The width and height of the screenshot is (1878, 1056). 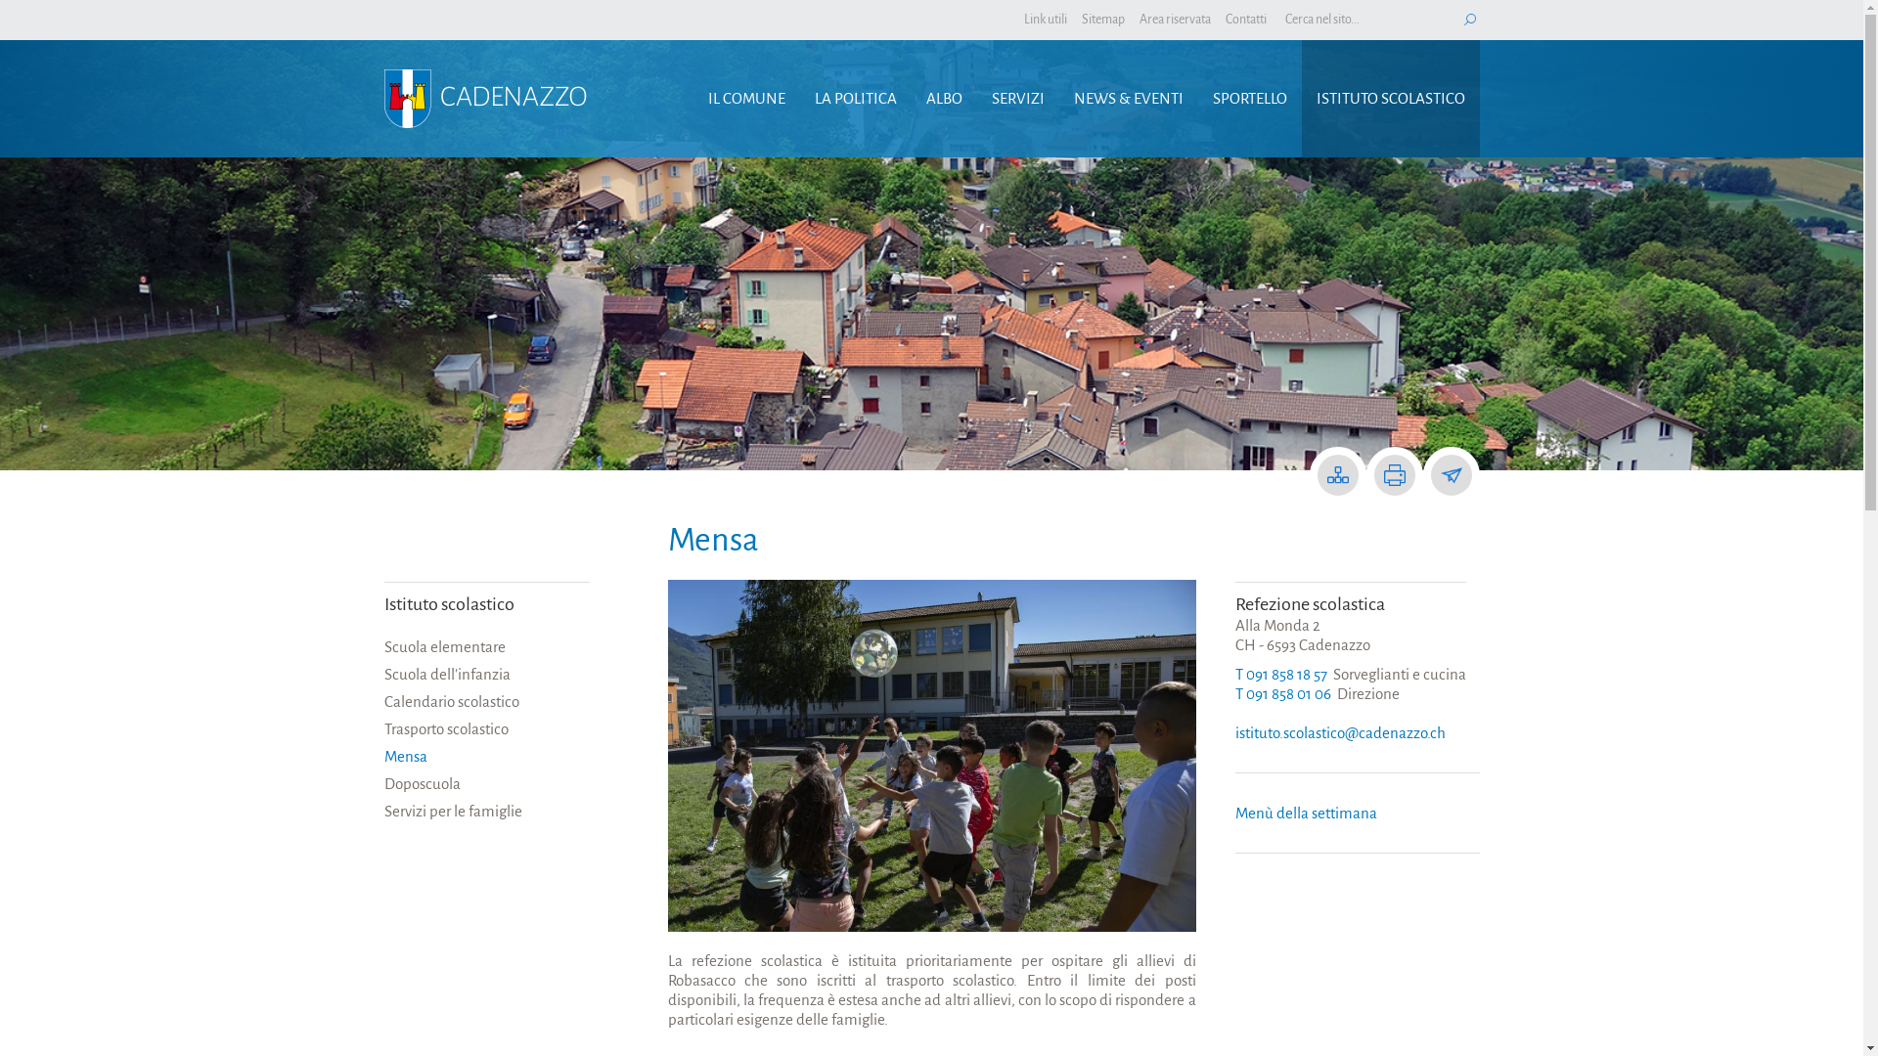 What do you see at coordinates (744, 98) in the screenshot?
I see `'IL COMUNE'` at bounding box center [744, 98].